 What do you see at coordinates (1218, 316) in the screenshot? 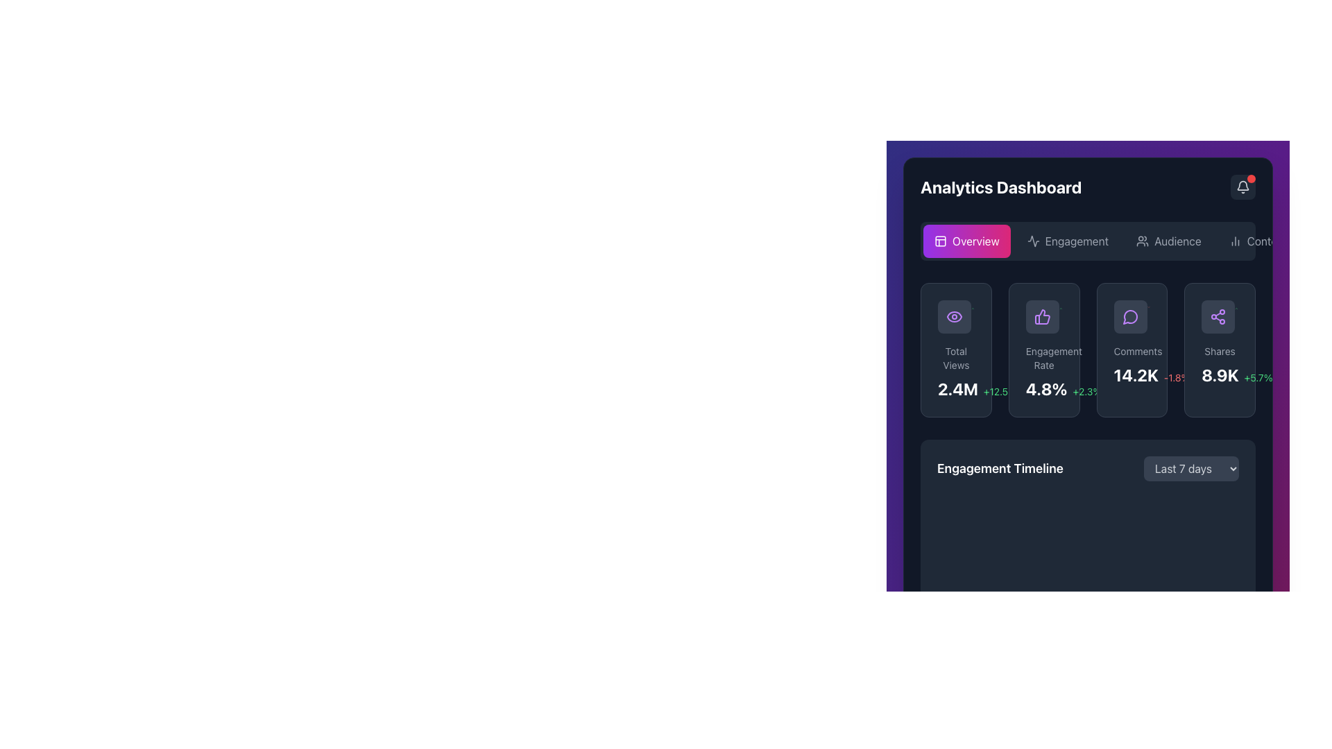
I see `the share icon that is located immediately to the right of the 'Comments' section and represents the share functionality` at bounding box center [1218, 316].